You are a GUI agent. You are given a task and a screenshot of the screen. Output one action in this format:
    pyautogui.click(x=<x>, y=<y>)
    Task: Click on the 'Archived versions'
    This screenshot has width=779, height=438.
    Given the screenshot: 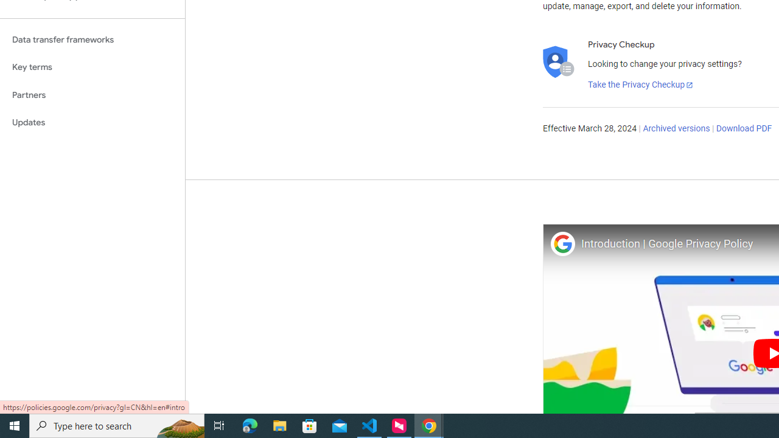 What is the action you would take?
    pyautogui.click(x=676, y=129)
    